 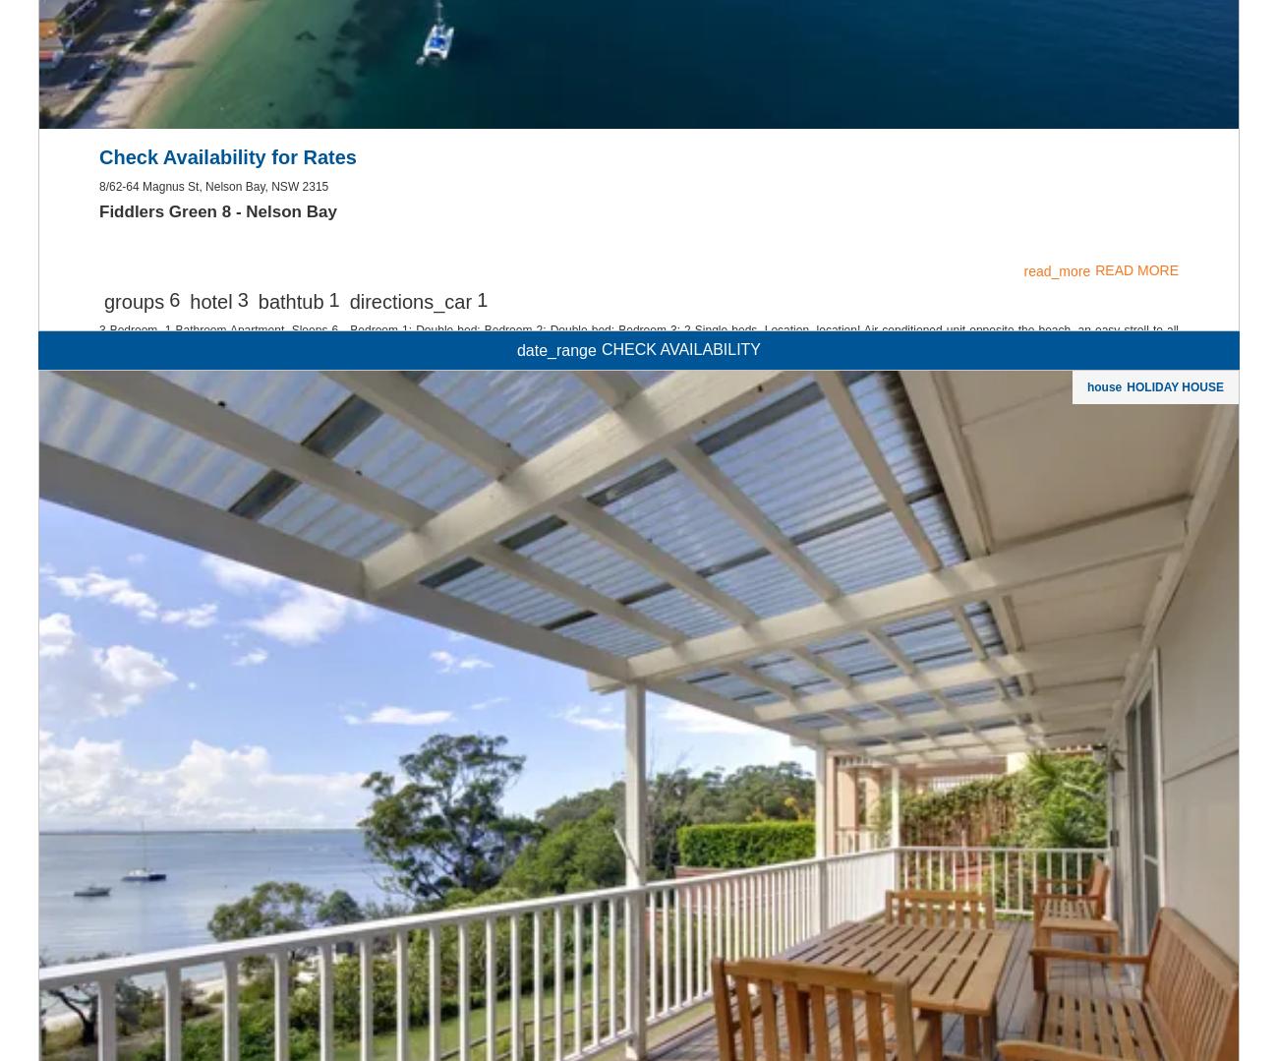 What do you see at coordinates (208, 224) in the screenshot?
I see `'BOOK'` at bounding box center [208, 224].